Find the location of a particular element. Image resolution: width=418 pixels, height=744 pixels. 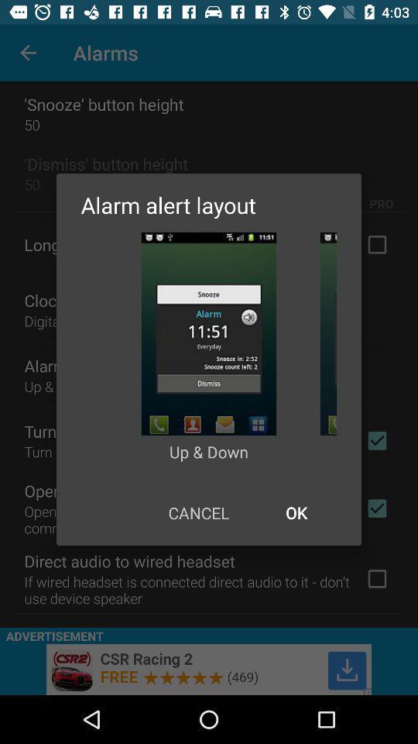

the item to the left of the ok icon is located at coordinates (198, 512).